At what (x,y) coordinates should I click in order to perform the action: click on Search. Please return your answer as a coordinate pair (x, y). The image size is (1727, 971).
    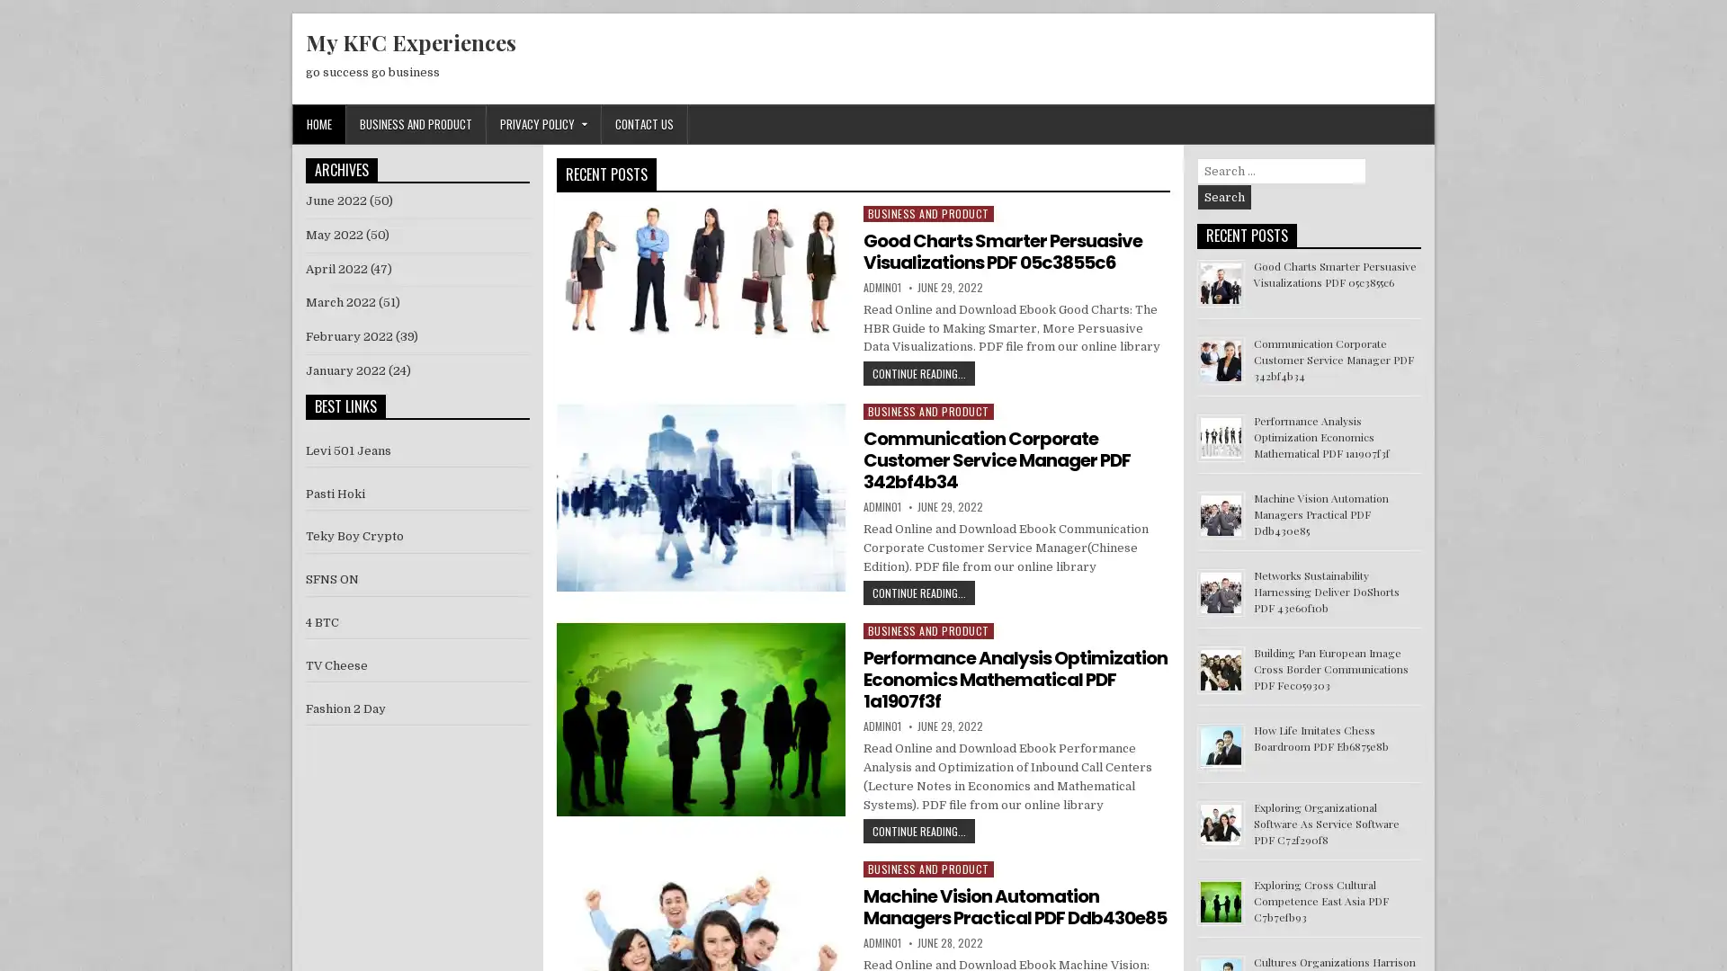
    Looking at the image, I should click on (1223, 197).